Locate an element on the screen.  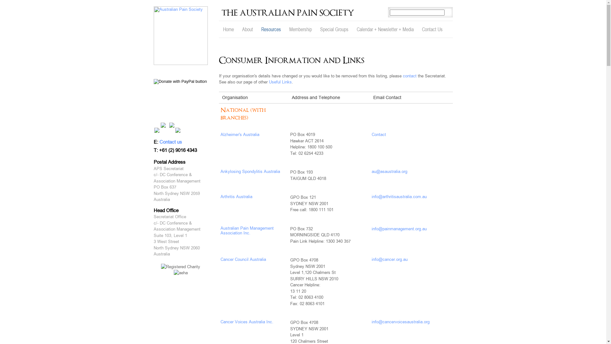
'Membership' is located at coordinates (285, 29).